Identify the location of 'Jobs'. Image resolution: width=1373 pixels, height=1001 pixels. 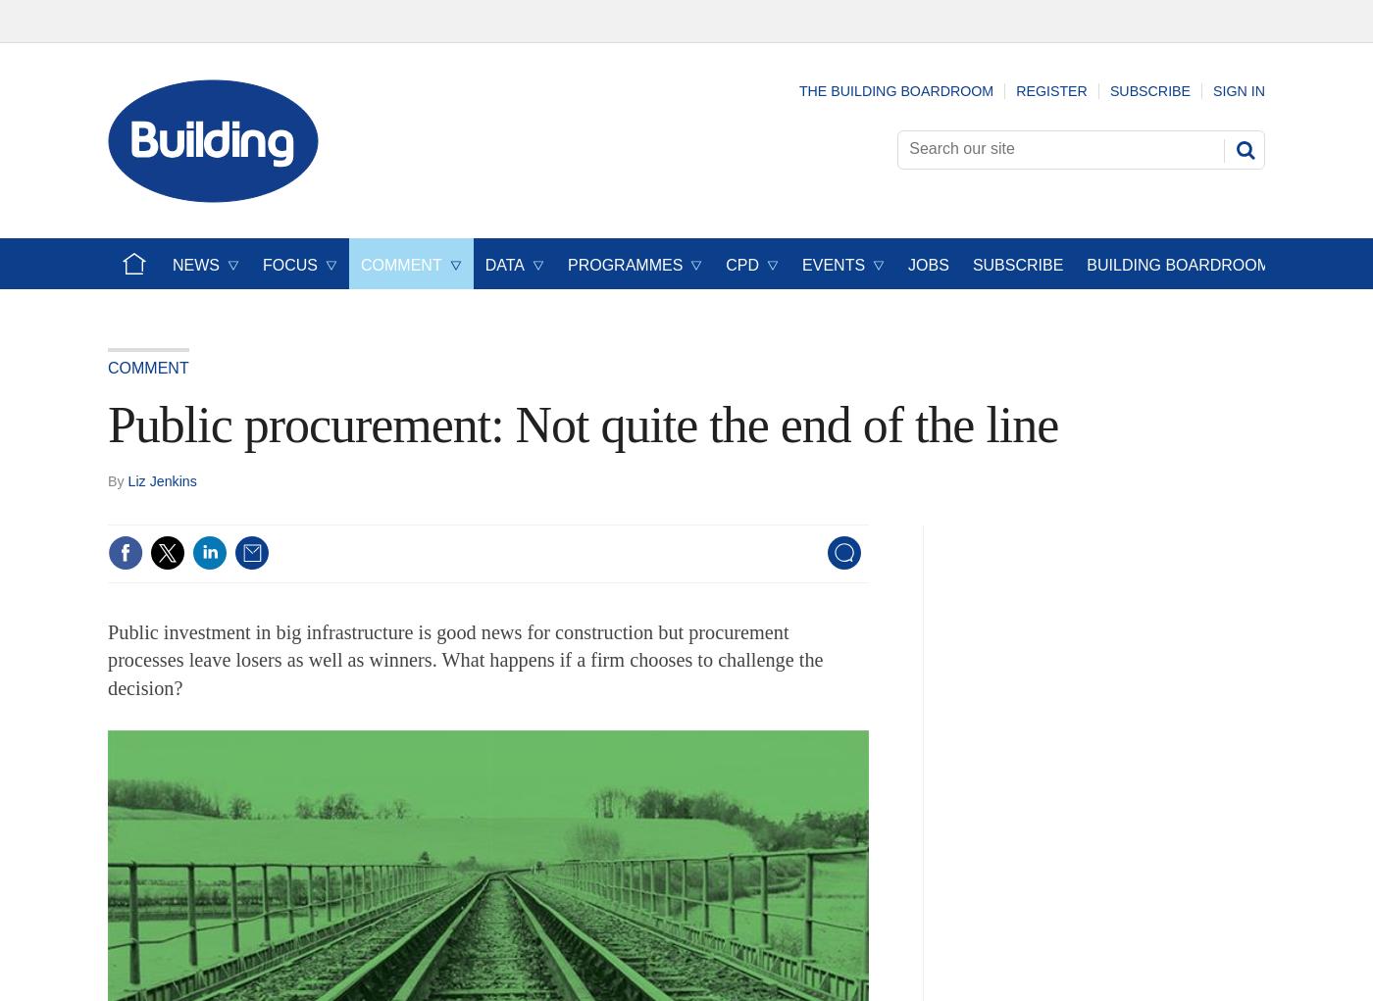
(928, 264).